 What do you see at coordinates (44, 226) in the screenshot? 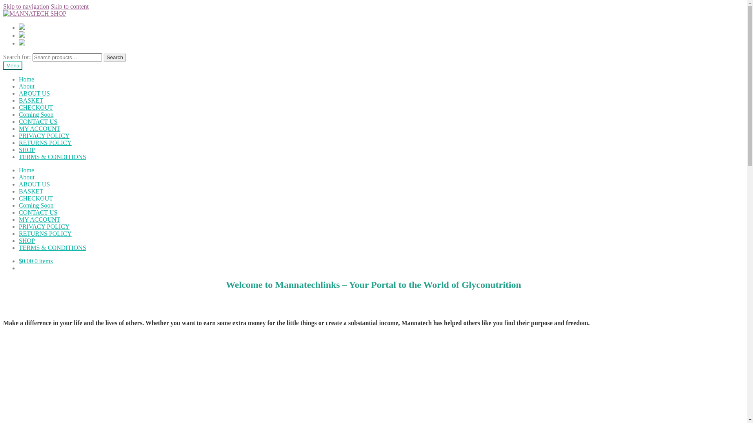
I see `'PRIVACY POLICY'` at bounding box center [44, 226].